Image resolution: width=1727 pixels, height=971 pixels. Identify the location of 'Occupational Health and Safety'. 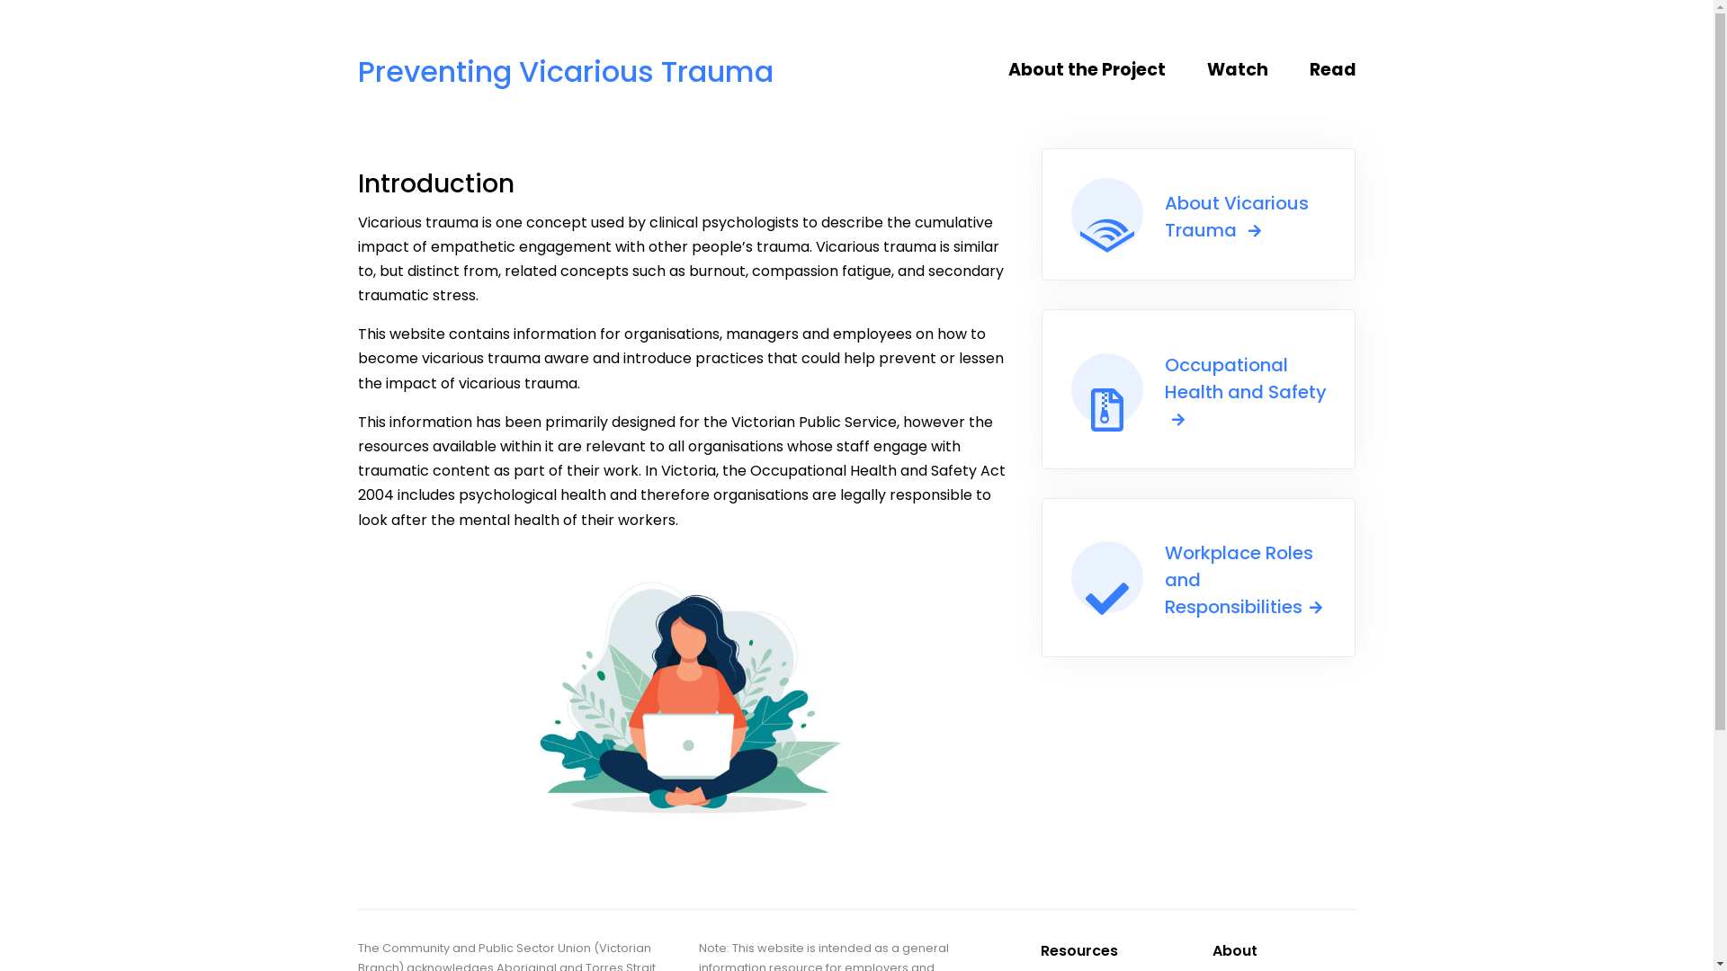
(1199, 388).